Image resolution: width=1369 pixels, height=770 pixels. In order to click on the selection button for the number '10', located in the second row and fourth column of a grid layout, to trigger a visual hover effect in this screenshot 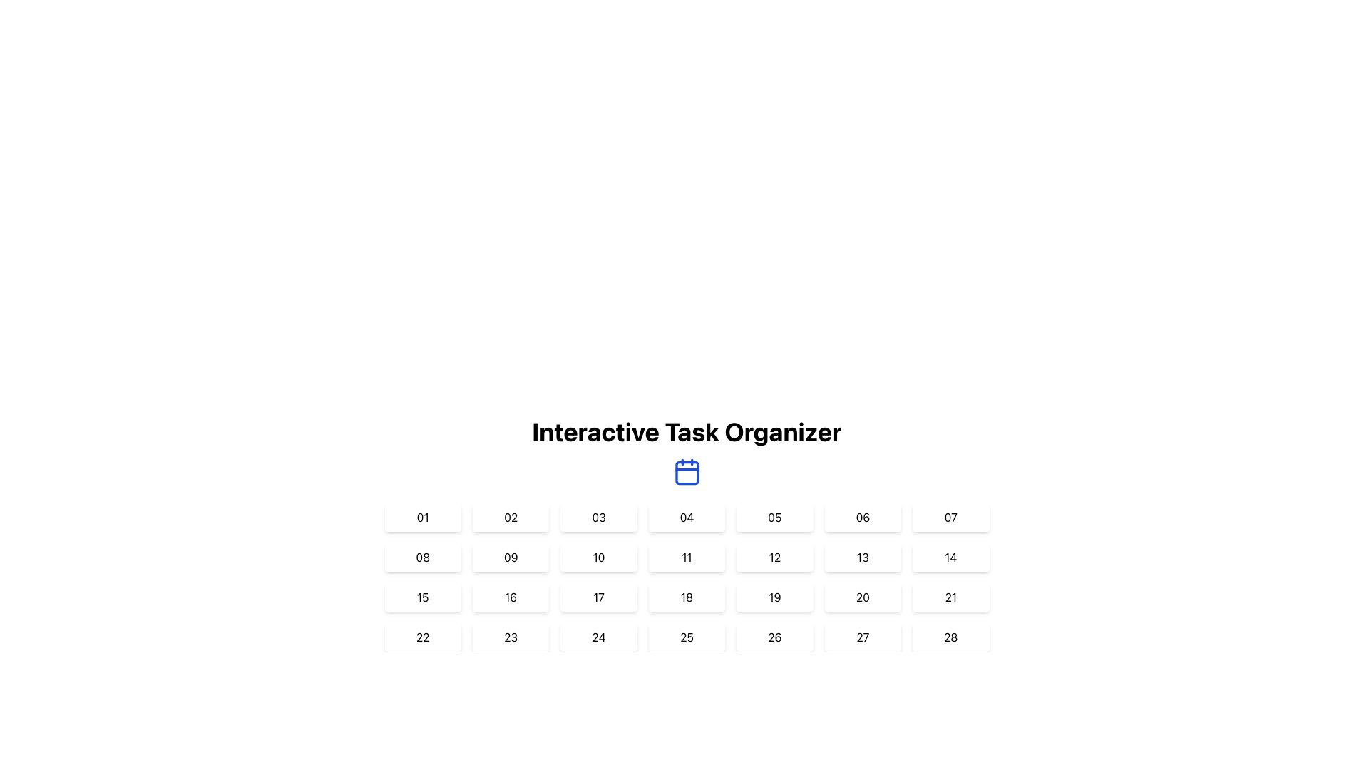, I will do `click(599, 557)`.